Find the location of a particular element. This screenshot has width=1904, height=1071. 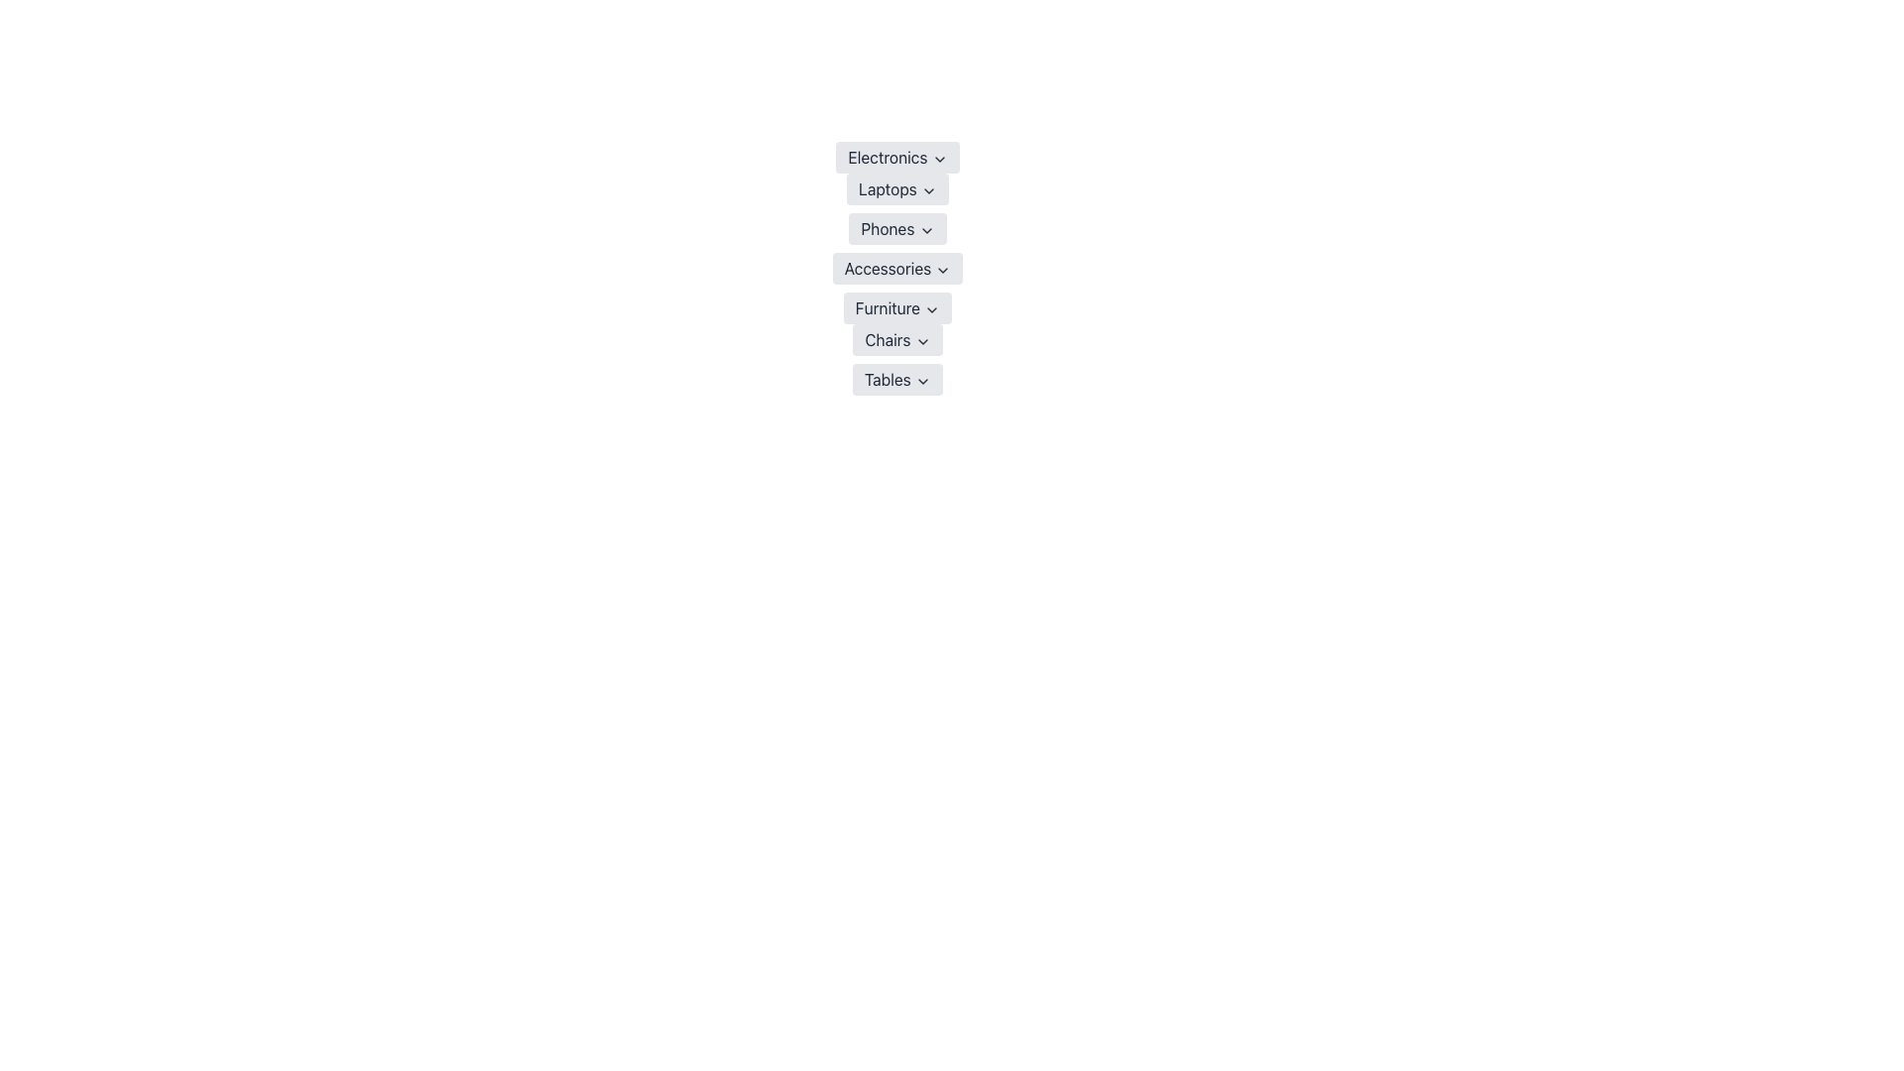

the second item in the dropdown menu under the 'Furniture' category is located at coordinates (896, 339).